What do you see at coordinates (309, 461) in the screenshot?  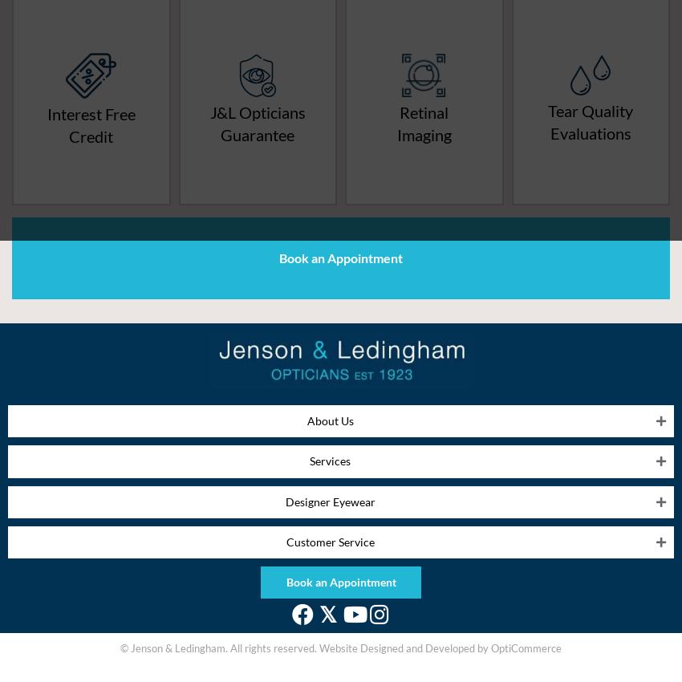 I see `'Services'` at bounding box center [309, 461].